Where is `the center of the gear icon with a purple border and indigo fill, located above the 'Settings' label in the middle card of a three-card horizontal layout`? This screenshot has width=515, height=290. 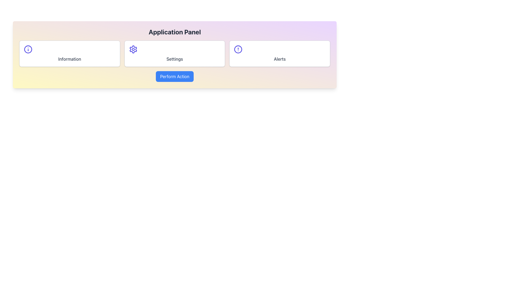
the center of the gear icon with a purple border and indigo fill, located above the 'Settings' label in the middle card of a three-card horizontal layout is located at coordinates (133, 49).